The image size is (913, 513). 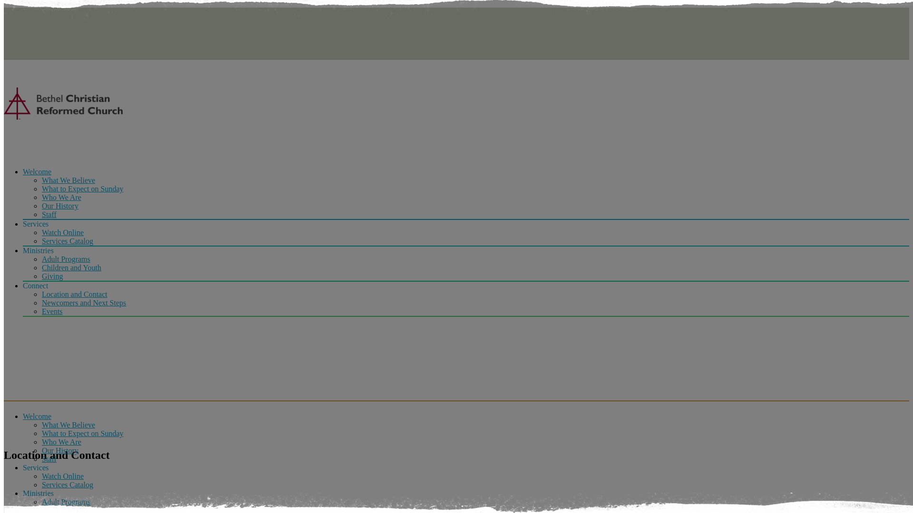 What do you see at coordinates (49, 458) in the screenshot?
I see `'Staff'` at bounding box center [49, 458].